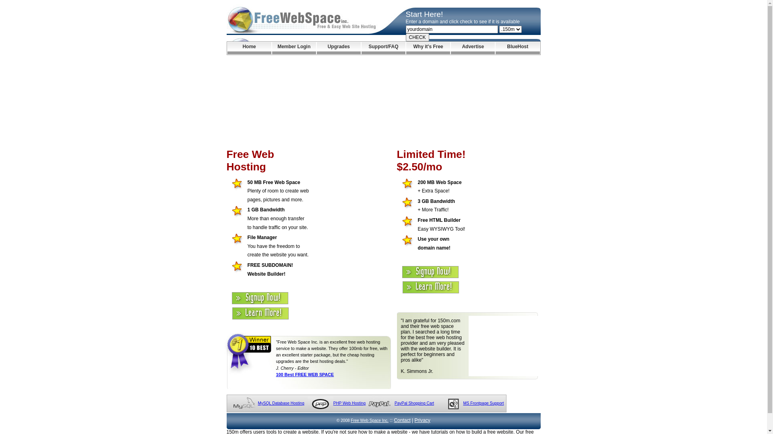 This screenshot has width=773, height=434. Describe the element at coordinates (417, 37) in the screenshot. I see `'CHECK'` at that location.